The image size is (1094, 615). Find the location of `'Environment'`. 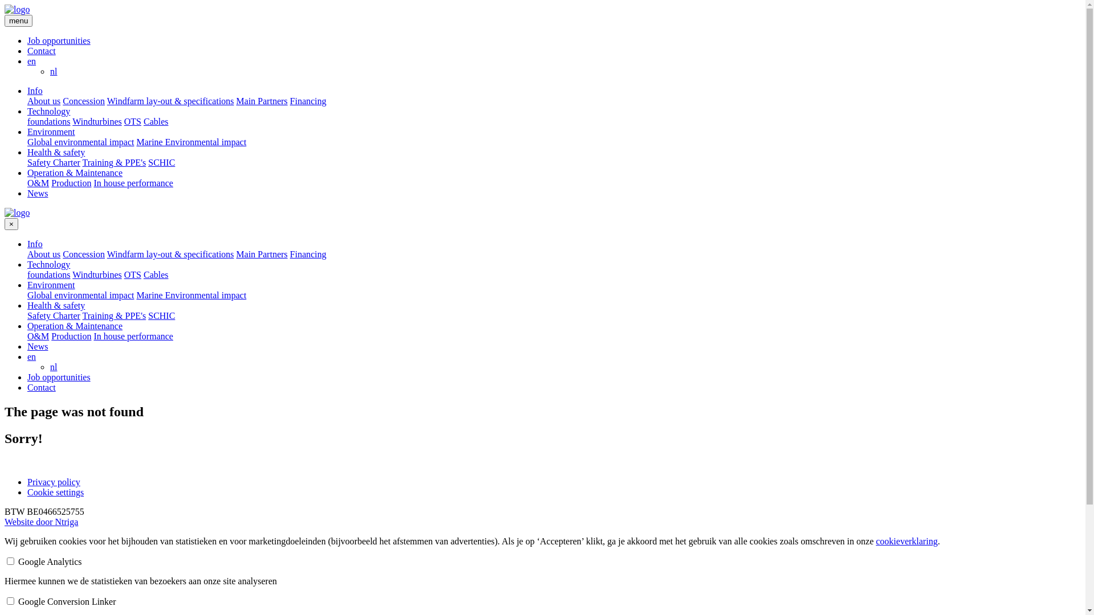

'Environment' is located at coordinates (51, 131).